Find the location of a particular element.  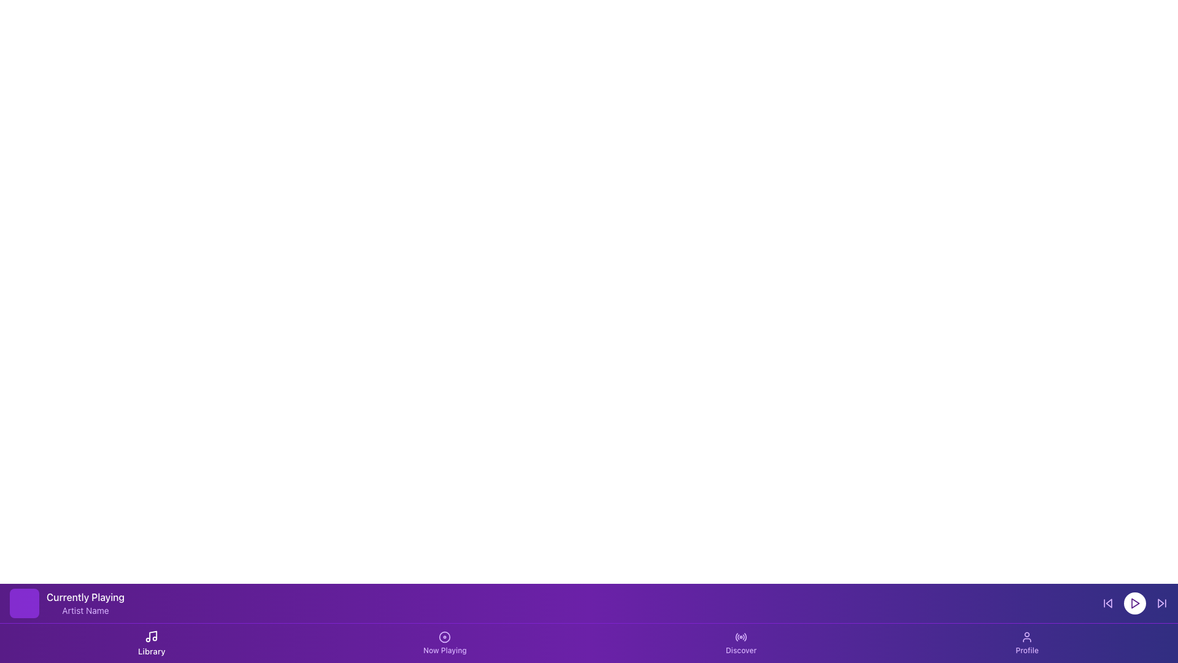

the 'Profile' button, which features a user profile icon and purple text that turns white on hover, located in the bottom-right corner of the interface is located at coordinates (1027, 643).